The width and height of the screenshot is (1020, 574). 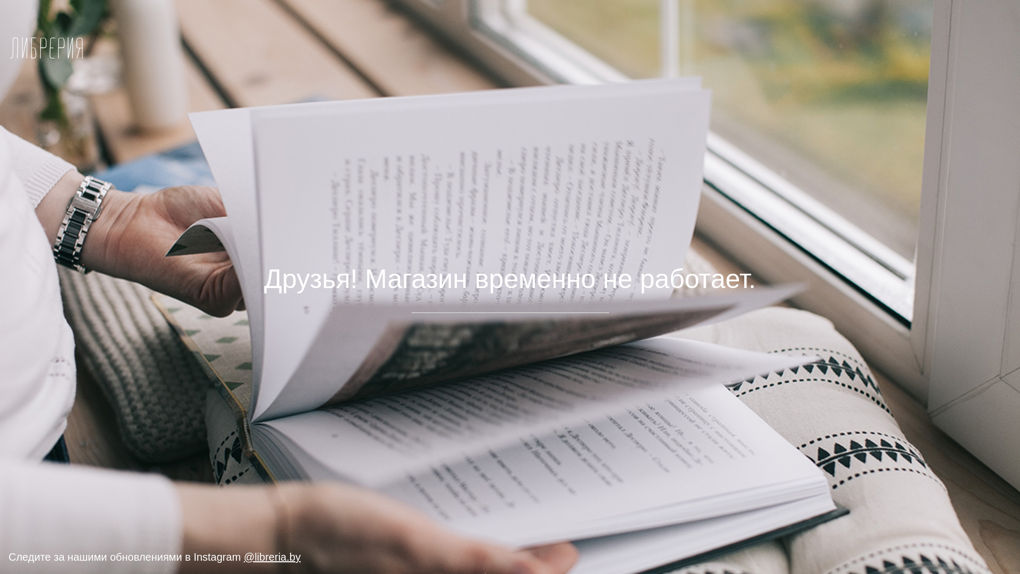 What do you see at coordinates (272, 556) in the screenshot?
I see `'@libreria.by'` at bounding box center [272, 556].